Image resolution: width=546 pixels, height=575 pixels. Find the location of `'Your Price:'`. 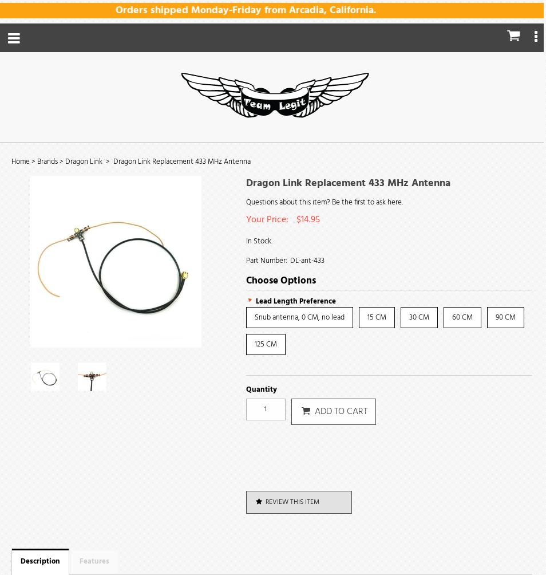

'Your Price:' is located at coordinates (268, 219).